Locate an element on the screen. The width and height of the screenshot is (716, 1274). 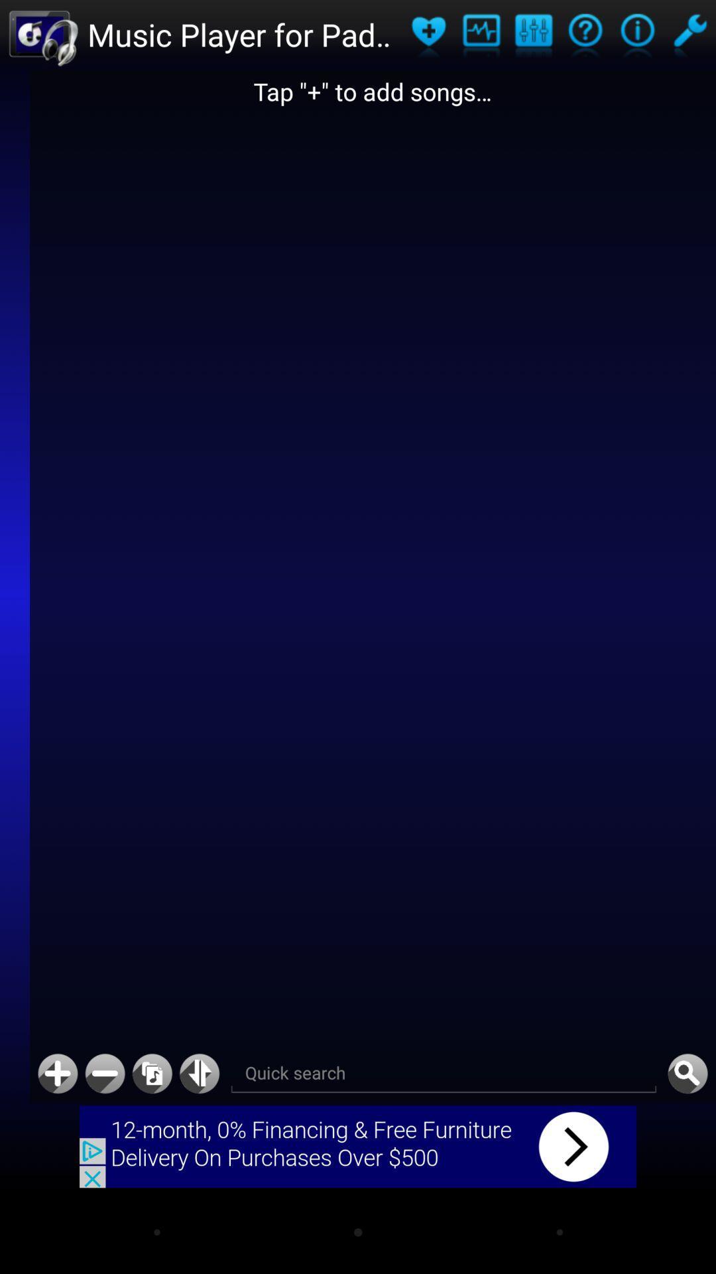
a song is located at coordinates (57, 1074).